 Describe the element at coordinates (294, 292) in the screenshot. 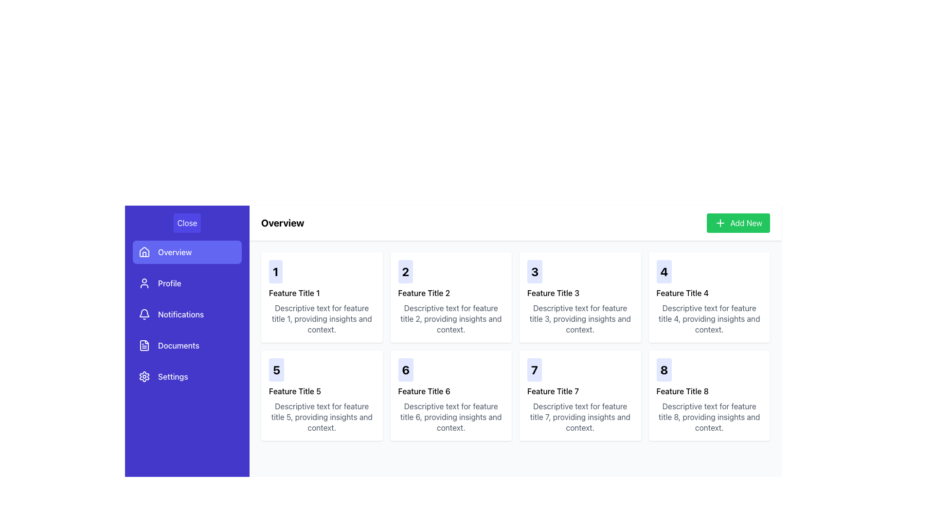

I see `the title text of the card located at the top-left of the grid layout` at that location.